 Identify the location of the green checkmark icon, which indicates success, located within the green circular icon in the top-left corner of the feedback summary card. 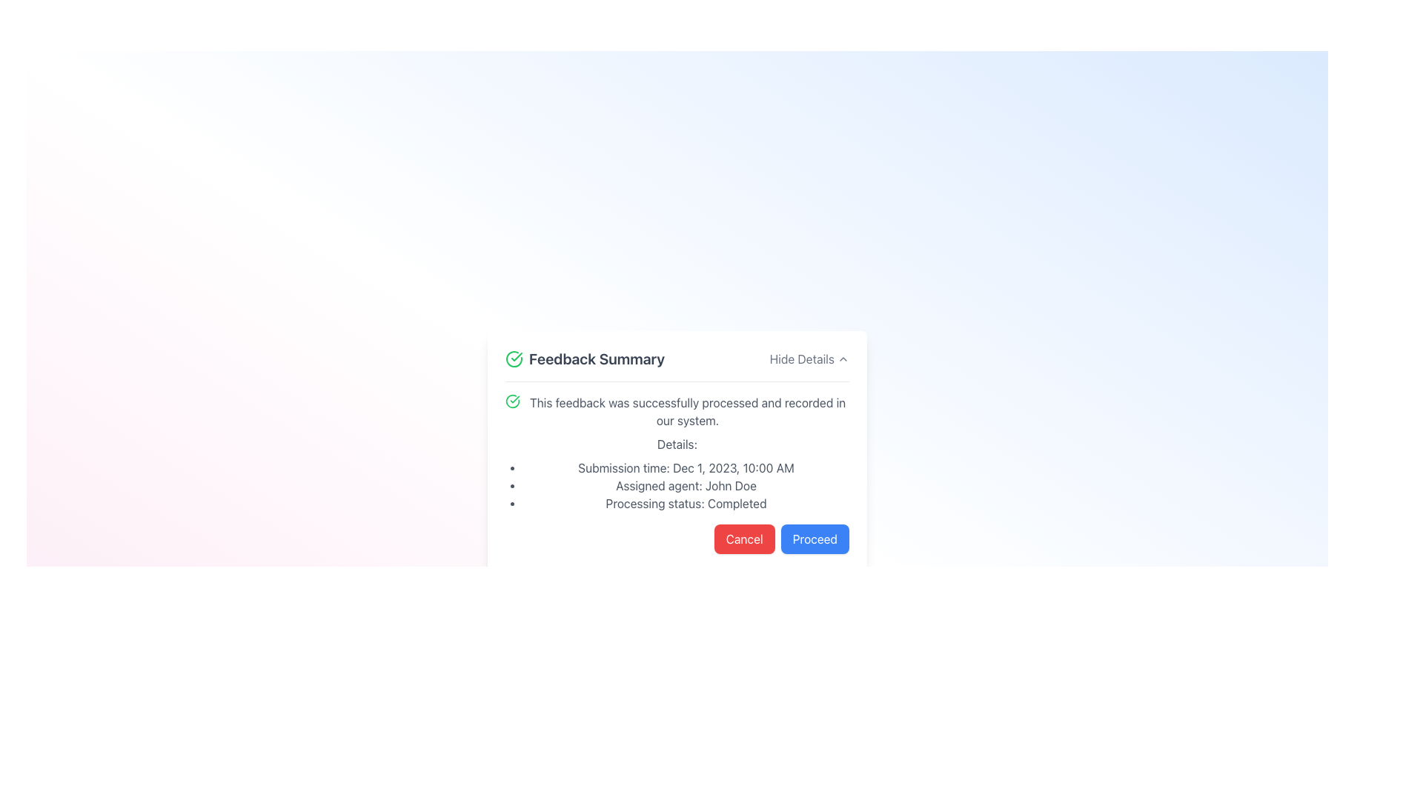
(517, 356).